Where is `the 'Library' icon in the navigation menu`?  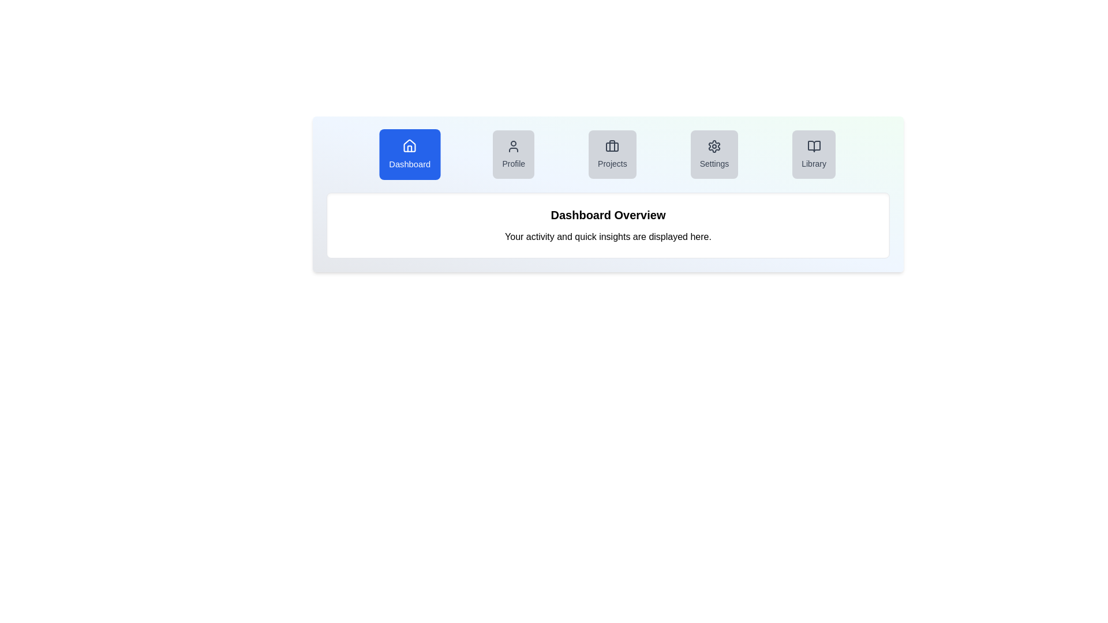
the 'Library' icon in the navigation menu is located at coordinates (813, 146).